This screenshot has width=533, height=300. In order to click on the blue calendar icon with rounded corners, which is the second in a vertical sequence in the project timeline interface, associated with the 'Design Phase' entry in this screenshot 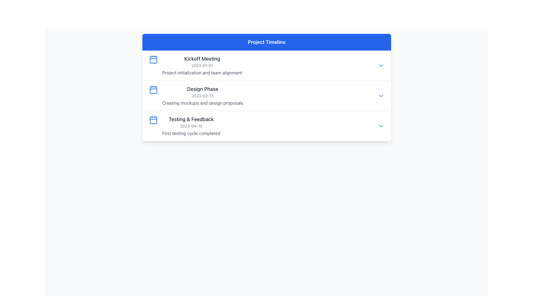, I will do `click(153, 89)`.